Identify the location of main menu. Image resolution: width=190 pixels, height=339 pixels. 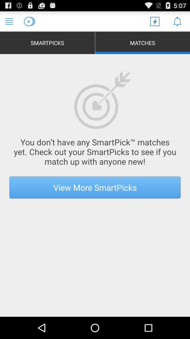
(9, 21).